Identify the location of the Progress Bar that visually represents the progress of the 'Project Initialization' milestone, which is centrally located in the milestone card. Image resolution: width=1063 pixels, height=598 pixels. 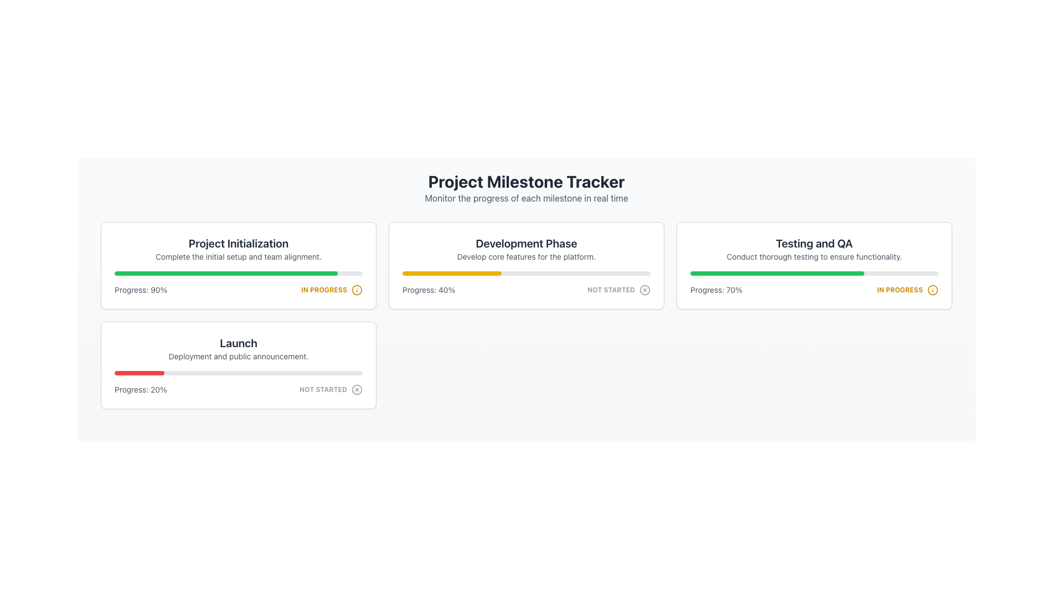
(238, 273).